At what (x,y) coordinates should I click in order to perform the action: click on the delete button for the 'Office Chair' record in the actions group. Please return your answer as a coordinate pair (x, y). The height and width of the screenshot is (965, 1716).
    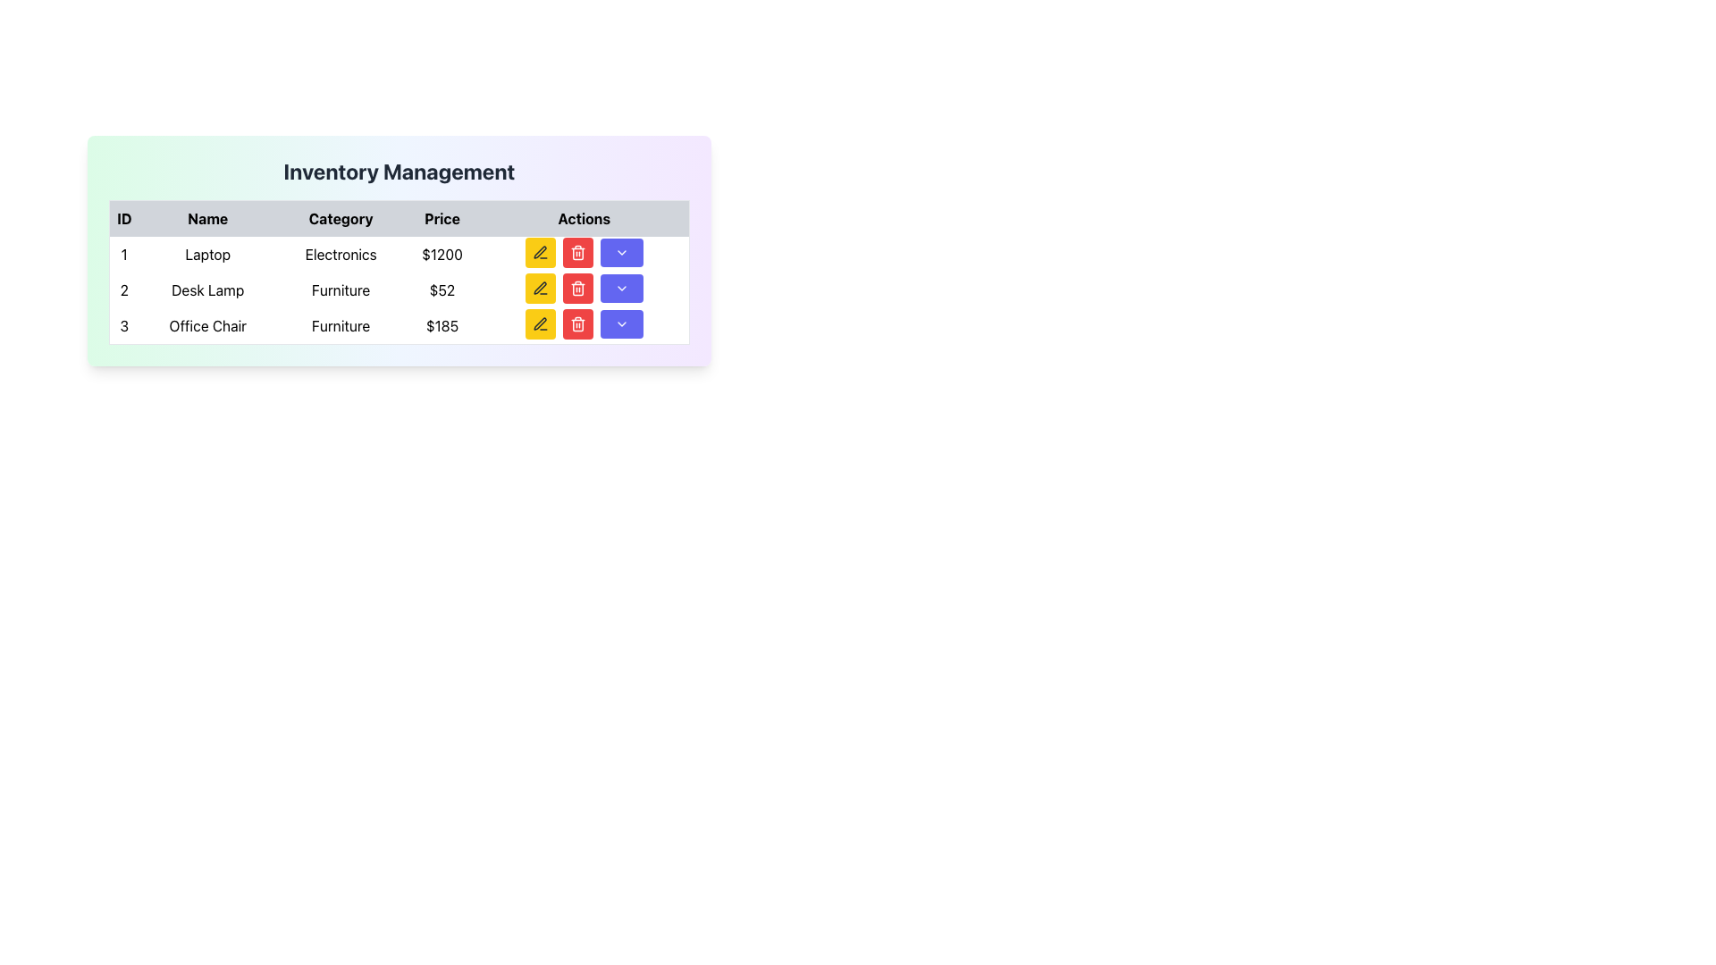
    Looking at the image, I should click on (577, 323).